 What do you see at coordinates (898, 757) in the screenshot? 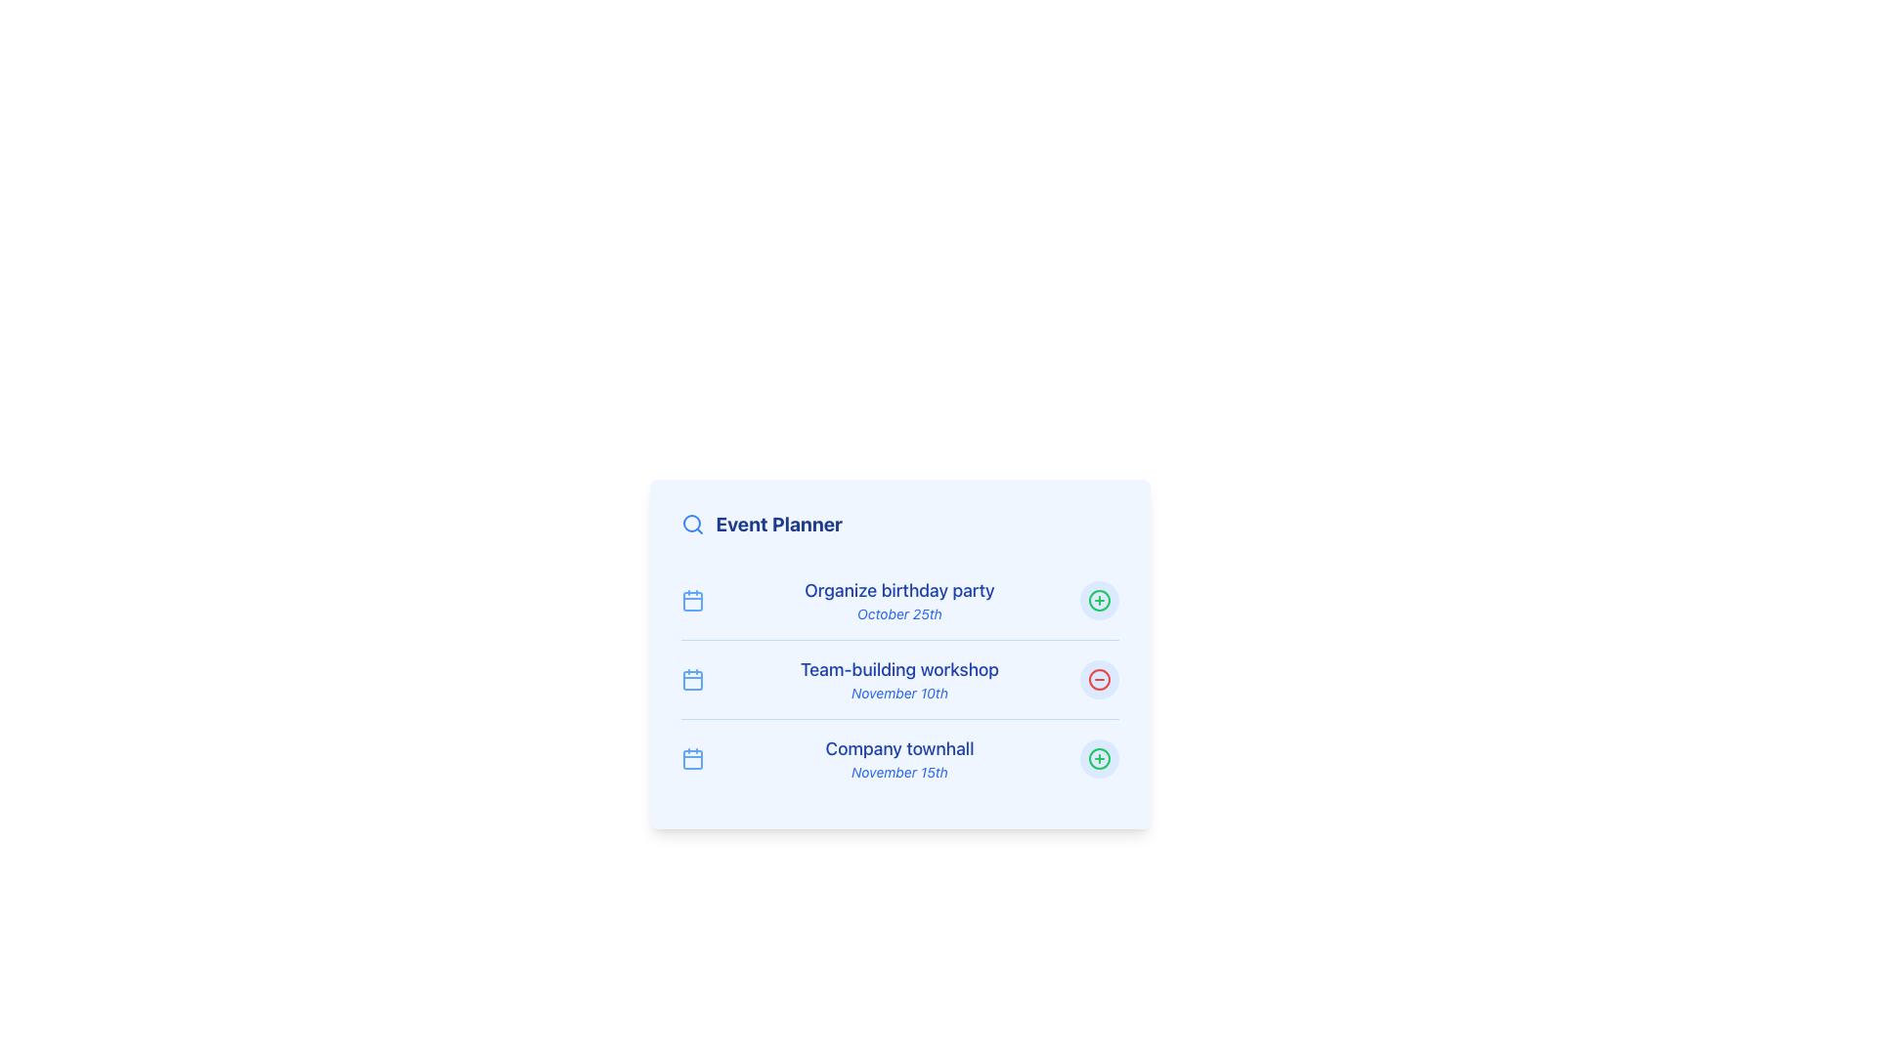
I see `the 'Company townhall' text block, which provides details about the event scheduled for November 15th, located as the third entry in the Event Planner section` at bounding box center [898, 757].